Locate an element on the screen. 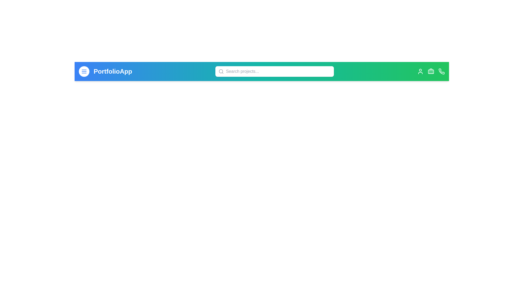 The height and width of the screenshot is (286, 508). the title text 'PortfolioApp' to view it is located at coordinates (112, 71).